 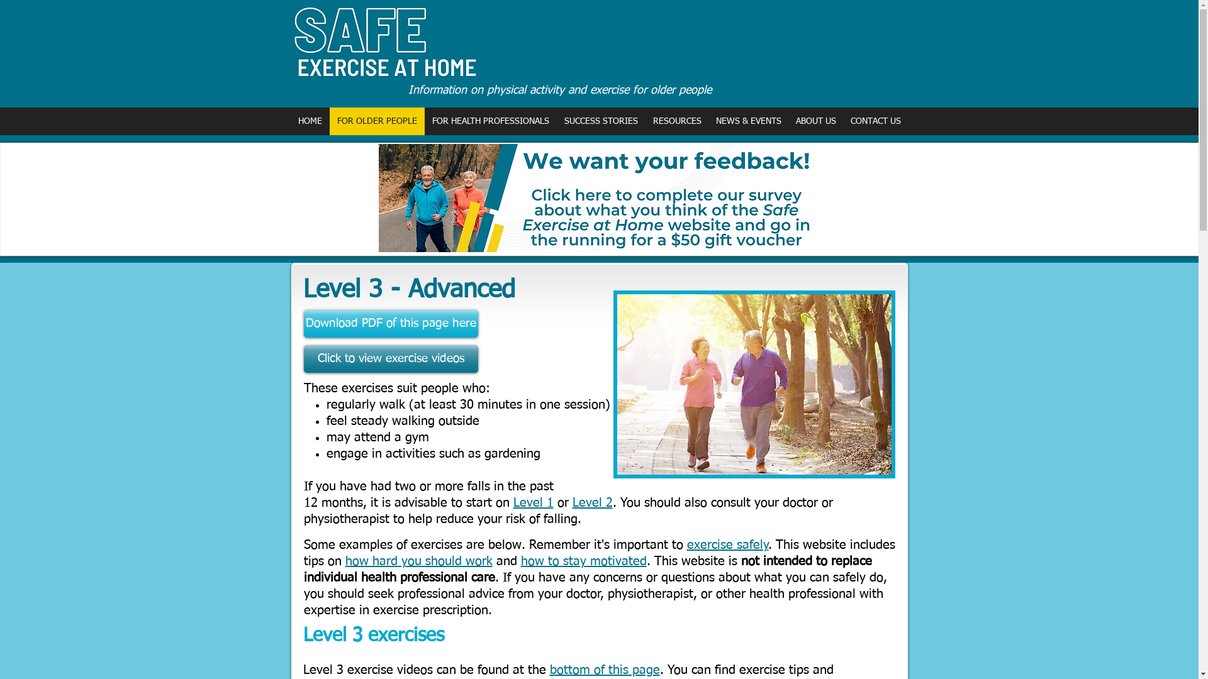 What do you see at coordinates (489, 121) in the screenshot?
I see `'FOR HEALTH PROFESSIONALS'` at bounding box center [489, 121].